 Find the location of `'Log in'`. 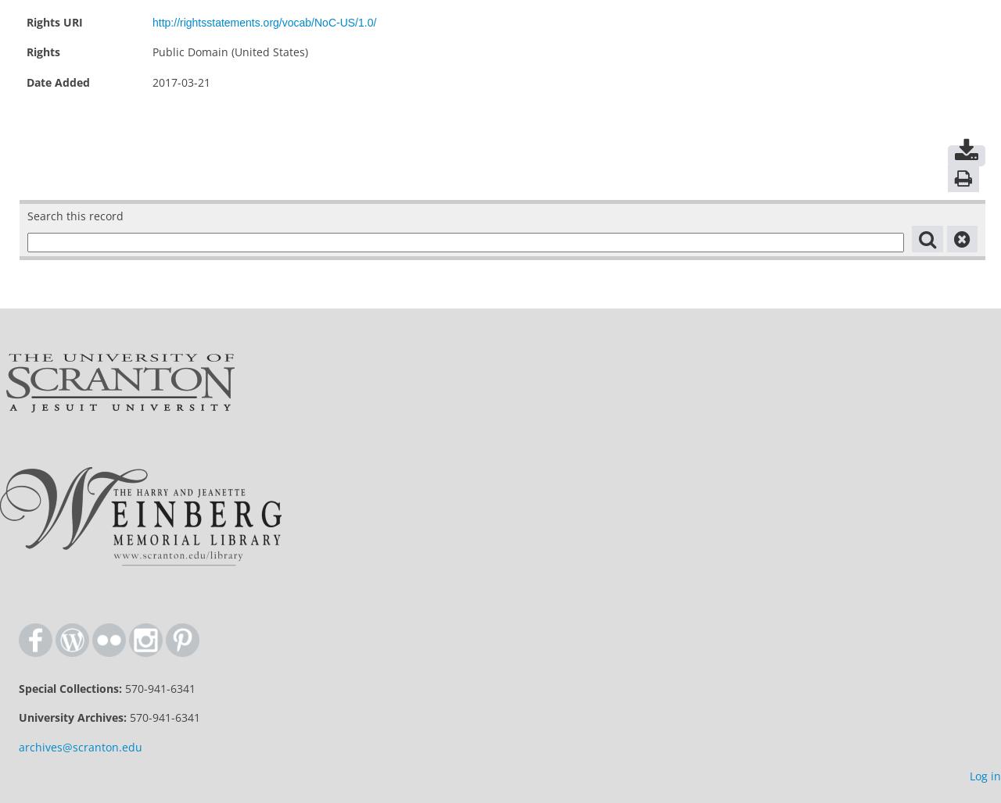

'Log in' is located at coordinates (969, 775).